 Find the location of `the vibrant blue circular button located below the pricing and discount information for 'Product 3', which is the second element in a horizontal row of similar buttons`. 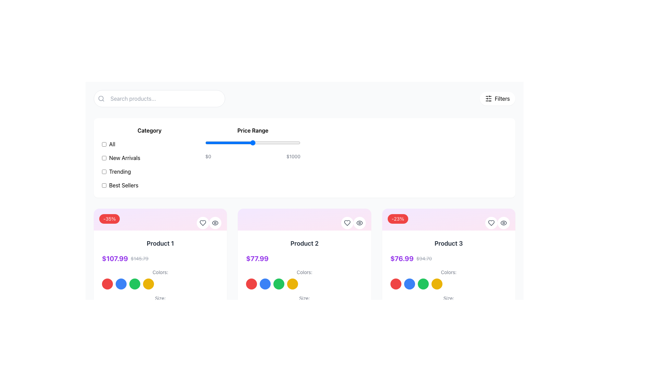

the vibrant blue circular button located below the pricing and discount information for 'Product 3', which is the second element in a horizontal row of similar buttons is located at coordinates (409, 284).